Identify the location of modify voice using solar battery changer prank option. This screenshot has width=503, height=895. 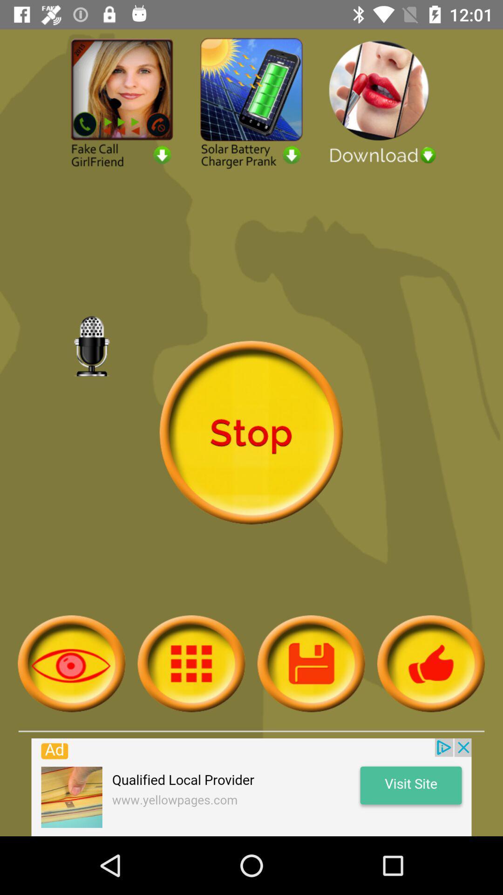
(251, 102).